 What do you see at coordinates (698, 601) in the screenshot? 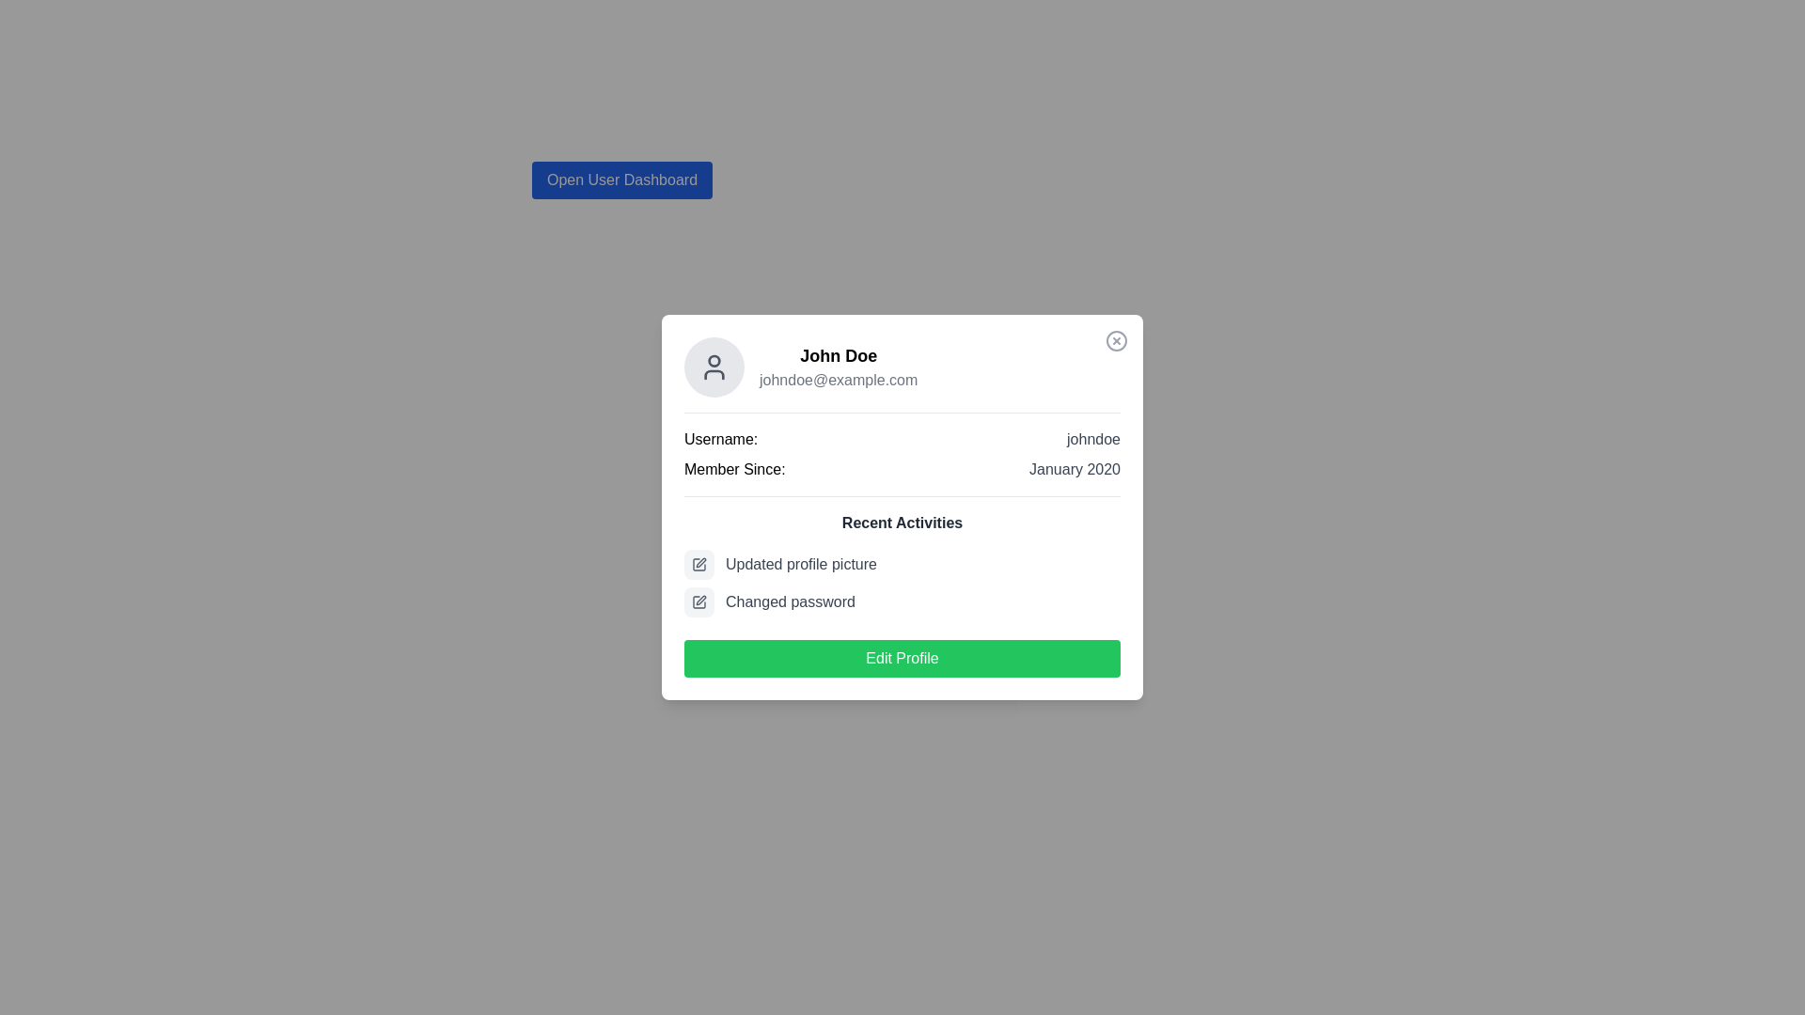
I see `the square icon button with a gray background and a pen icon, located to the left of the 'Changed password' text in the 'Recent Activities' section` at bounding box center [698, 601].